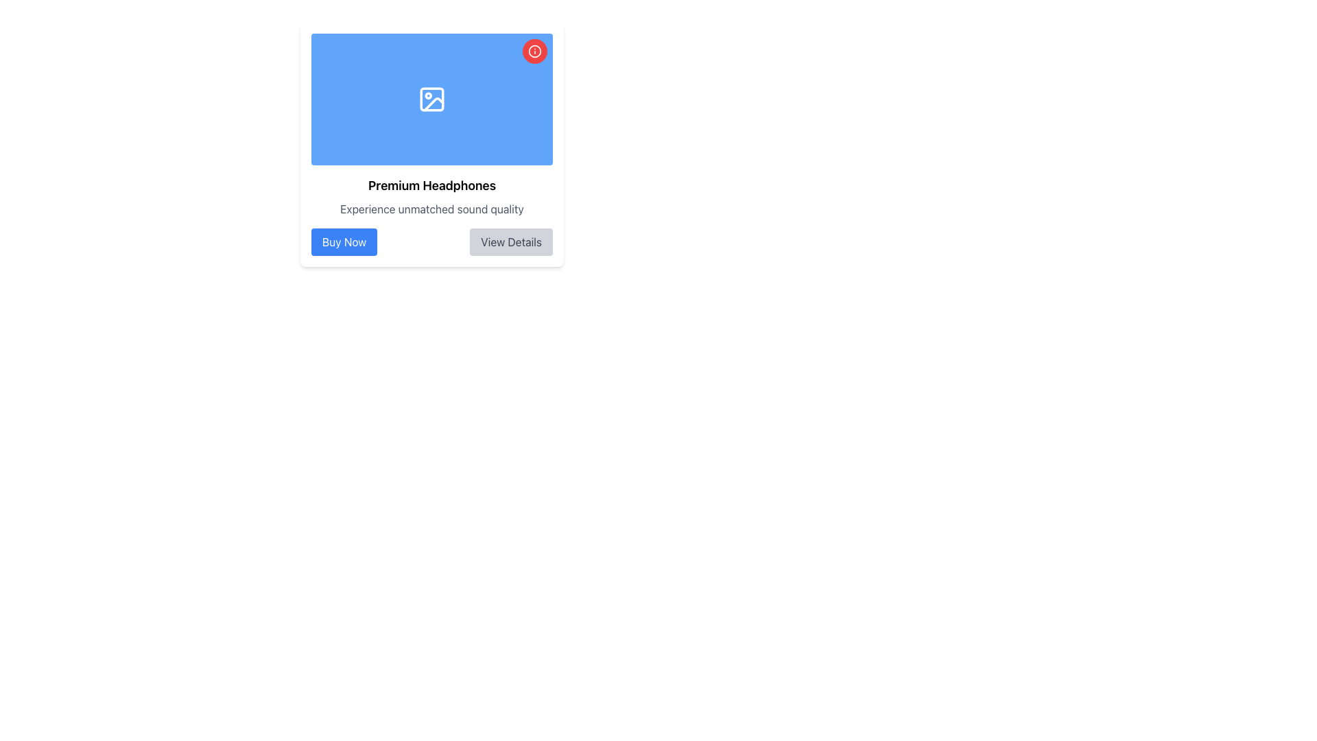  Describe the element at coordinates (510, 242) in the screenshot. I see `the 'View Details' button, which is a rectangular button with a light gray background and dark gray text, located in the bottom-right of the card UI component below the 'Premium Headphones' description` at that location.